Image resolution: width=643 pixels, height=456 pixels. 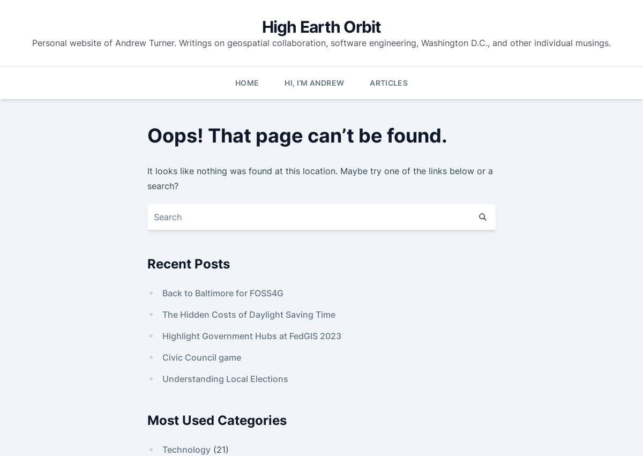 What do you see at coordinates (322, 42) in the screenshot?
I see `'Personal website of Andrew Turner. Writings on geospatial collaboration, software engineering, Washington D.C., and other individual musings.'` at bounding box center [322, 42].